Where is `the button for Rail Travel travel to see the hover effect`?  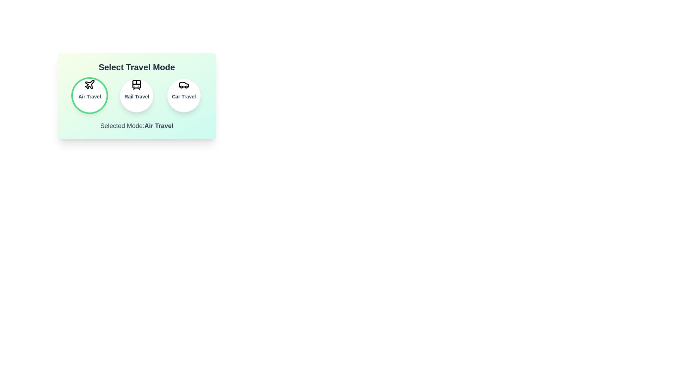 the button for Rail Travel travel to see the hover effect is located at coordinates (137, 95).